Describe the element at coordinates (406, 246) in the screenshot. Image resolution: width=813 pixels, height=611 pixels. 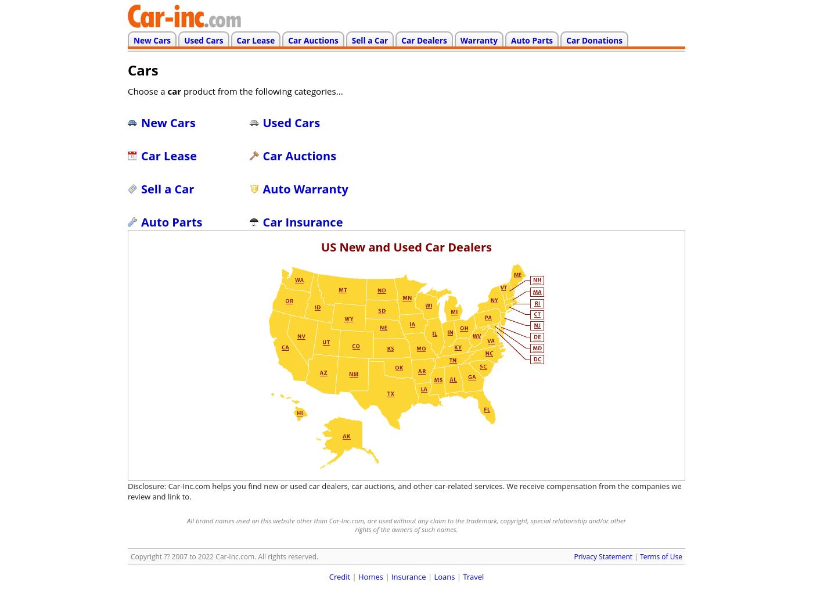
I see `'US New and Used Car Dealers'` at that location.